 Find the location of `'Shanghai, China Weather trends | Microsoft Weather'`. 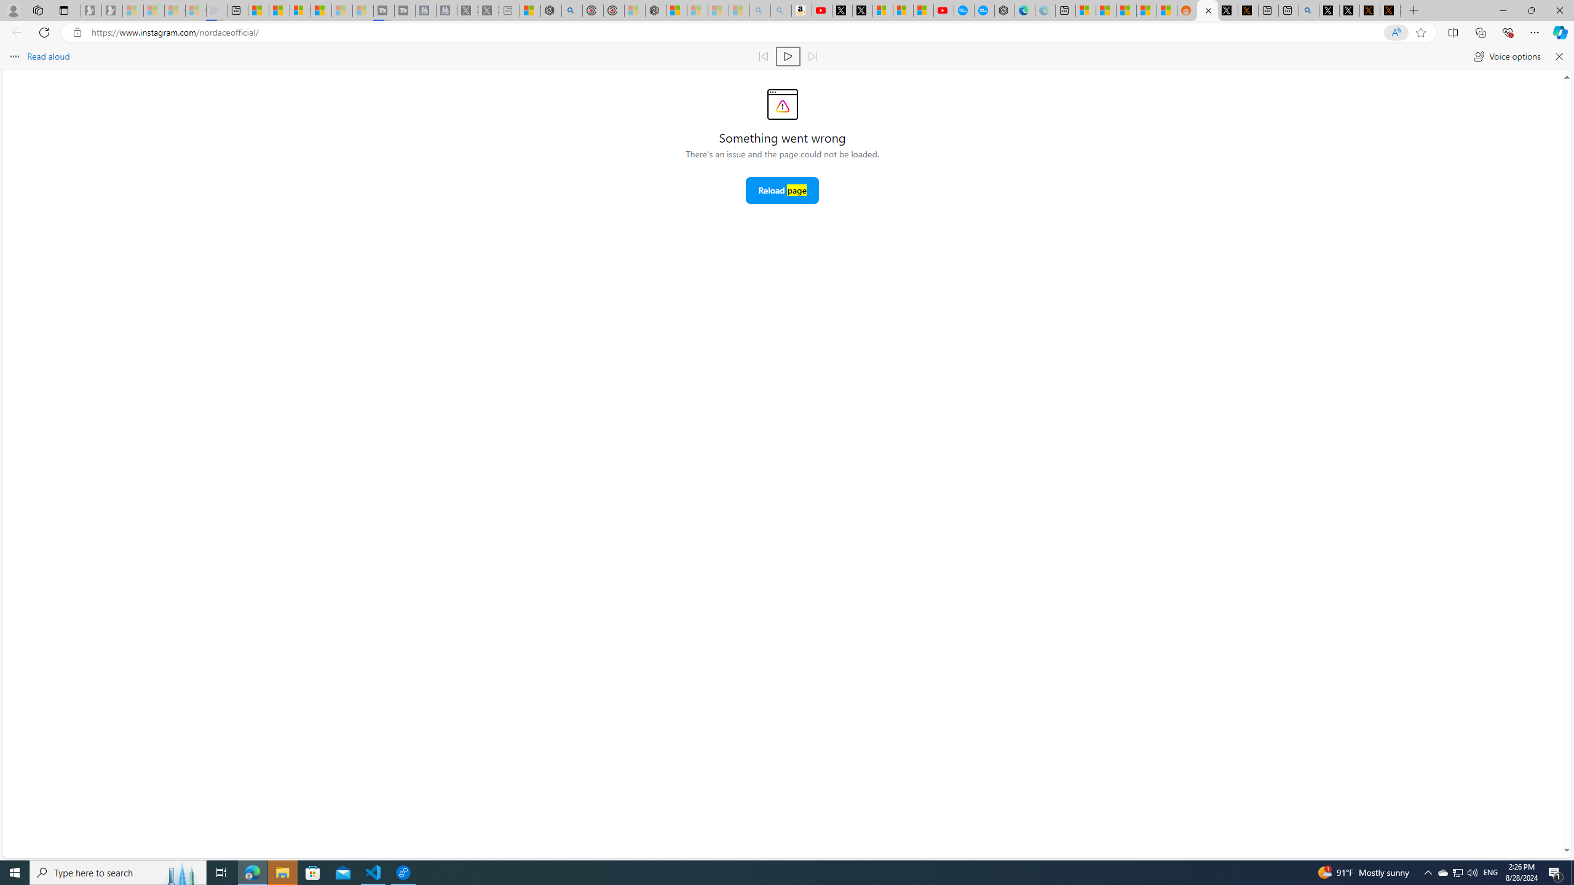

'Shanghai, China Weather trends | Microsoft Weather' is located at coordinates (1166, 10).